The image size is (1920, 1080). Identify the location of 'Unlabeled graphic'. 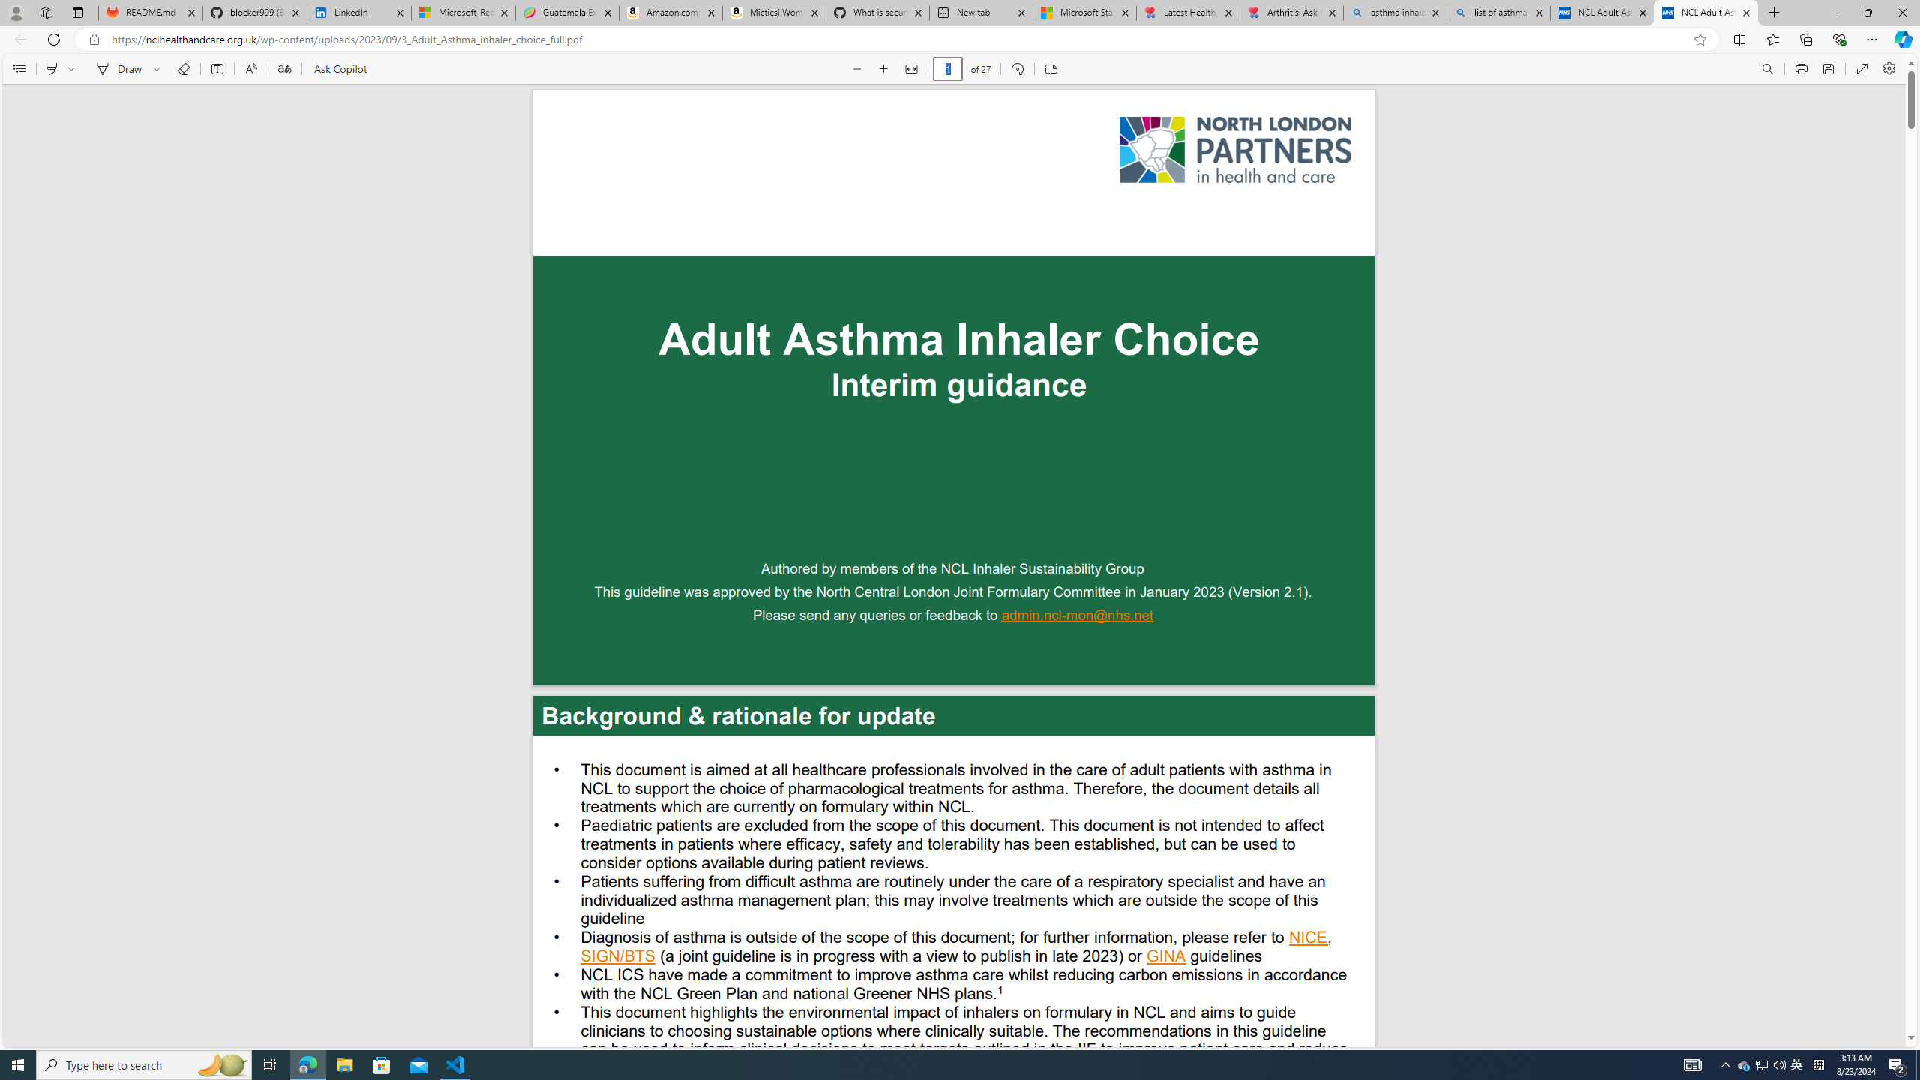
(1234, 149).